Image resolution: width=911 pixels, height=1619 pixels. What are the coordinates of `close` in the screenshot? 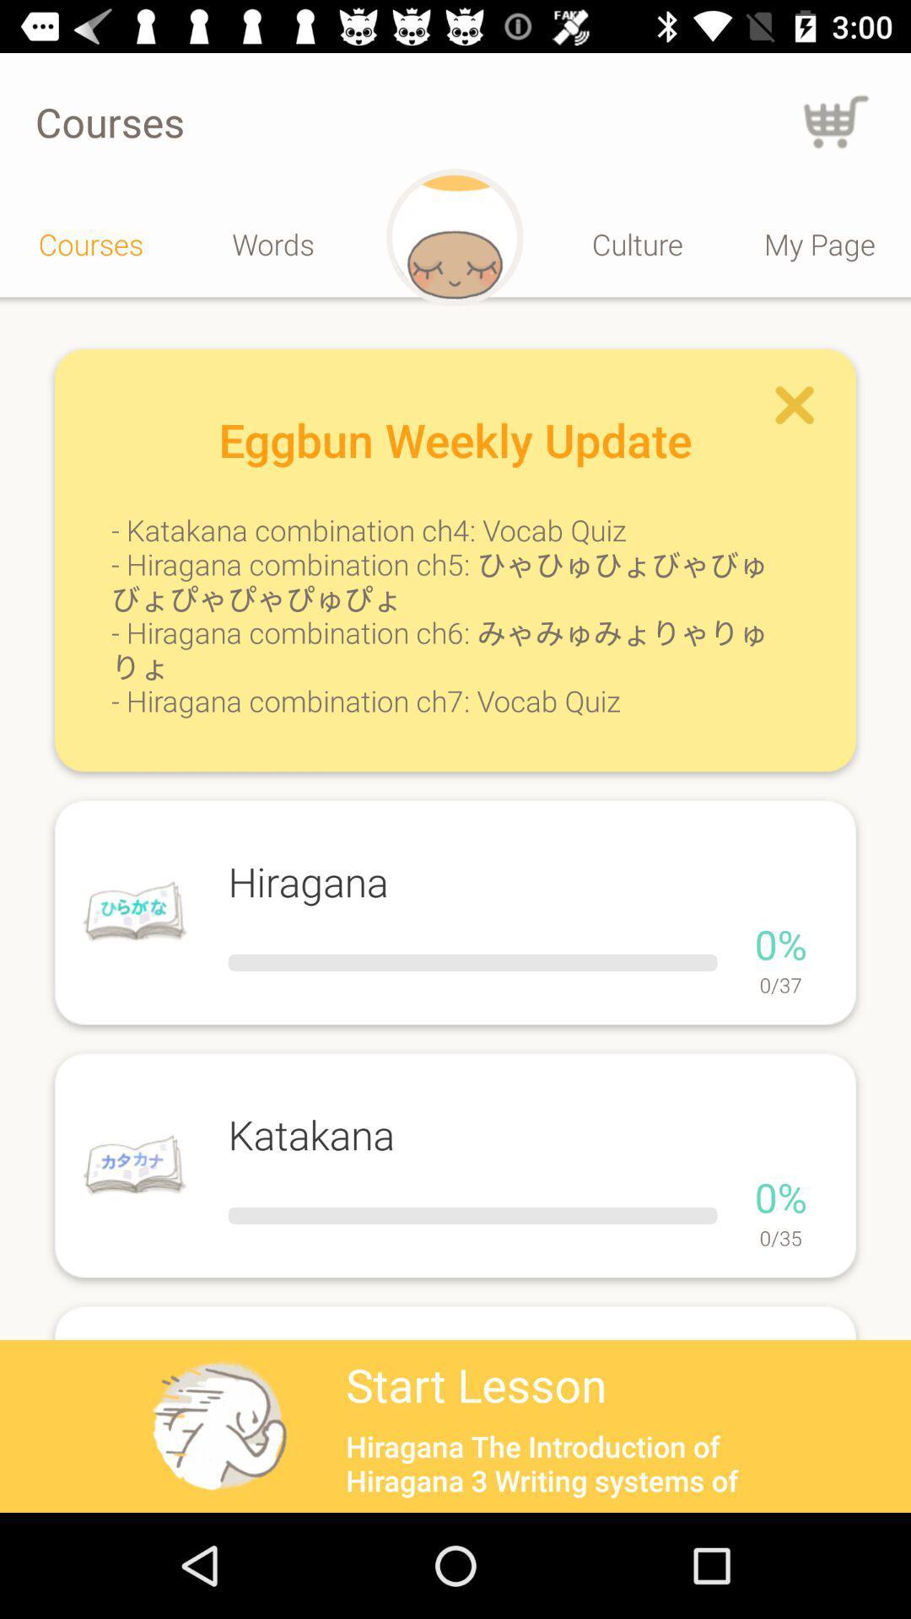 It's located at (795, 406).